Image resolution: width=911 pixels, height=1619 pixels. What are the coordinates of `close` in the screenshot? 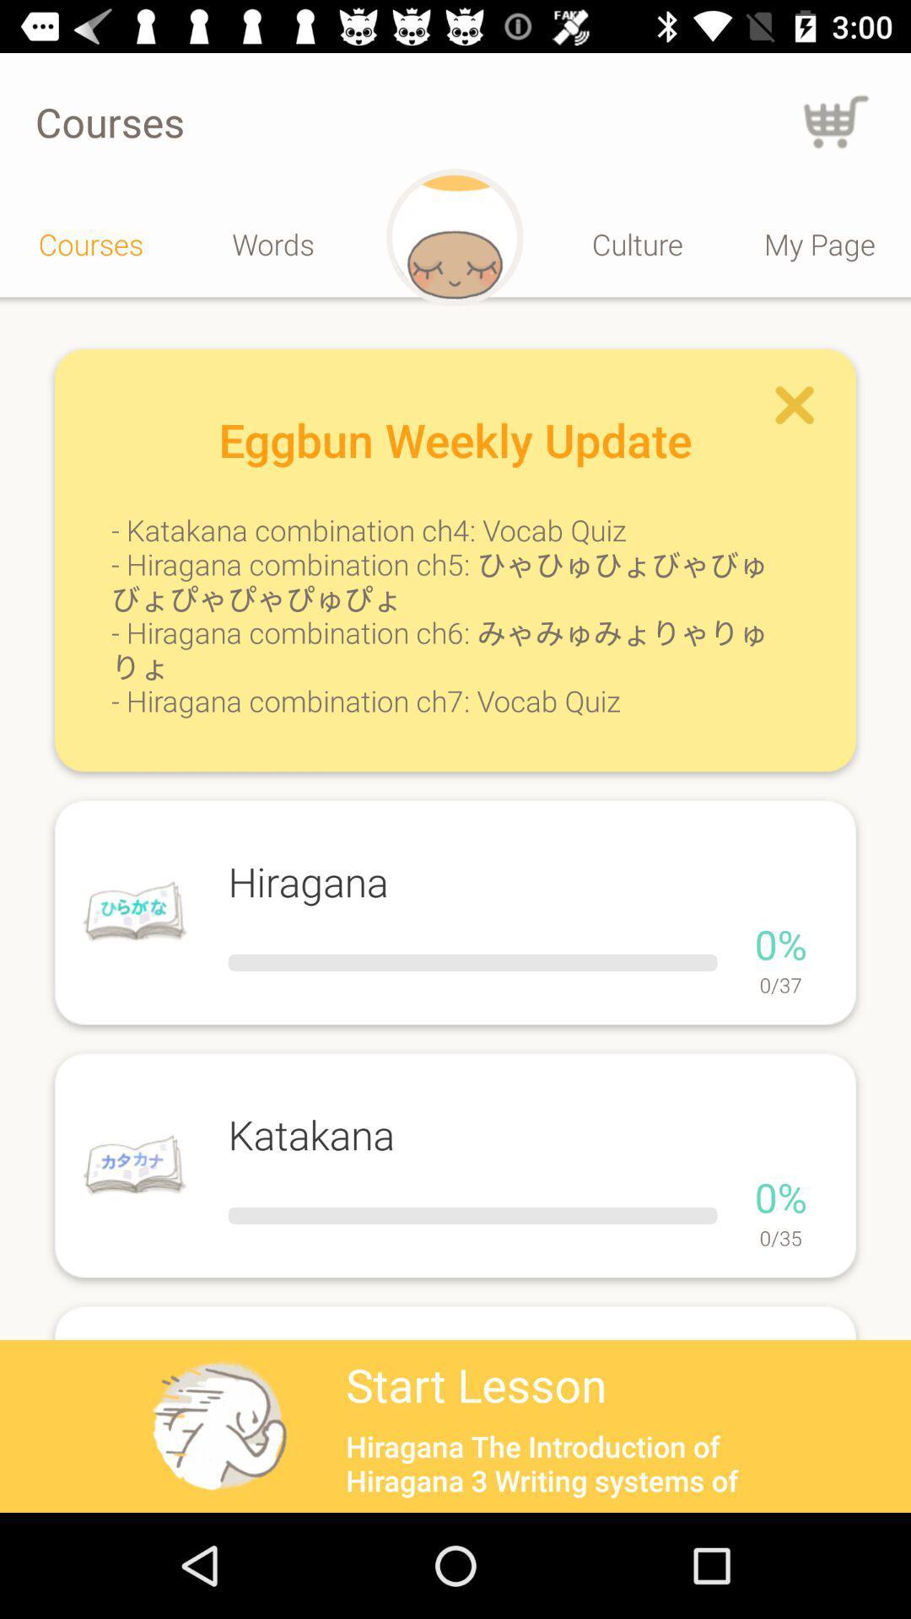 It's located at (795, 406).